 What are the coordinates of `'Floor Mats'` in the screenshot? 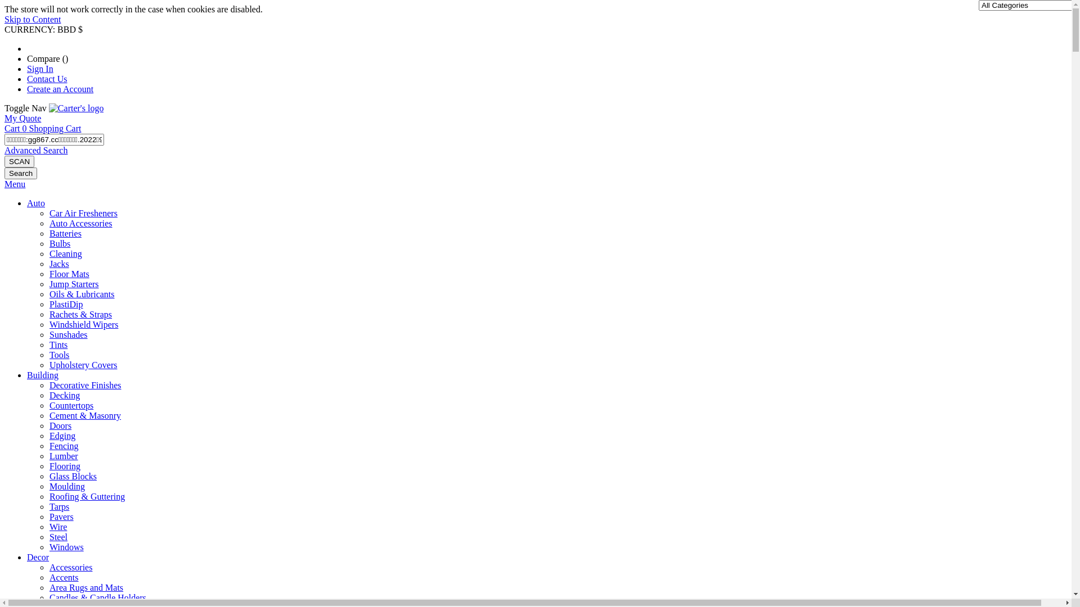 It's located at (69, 274).